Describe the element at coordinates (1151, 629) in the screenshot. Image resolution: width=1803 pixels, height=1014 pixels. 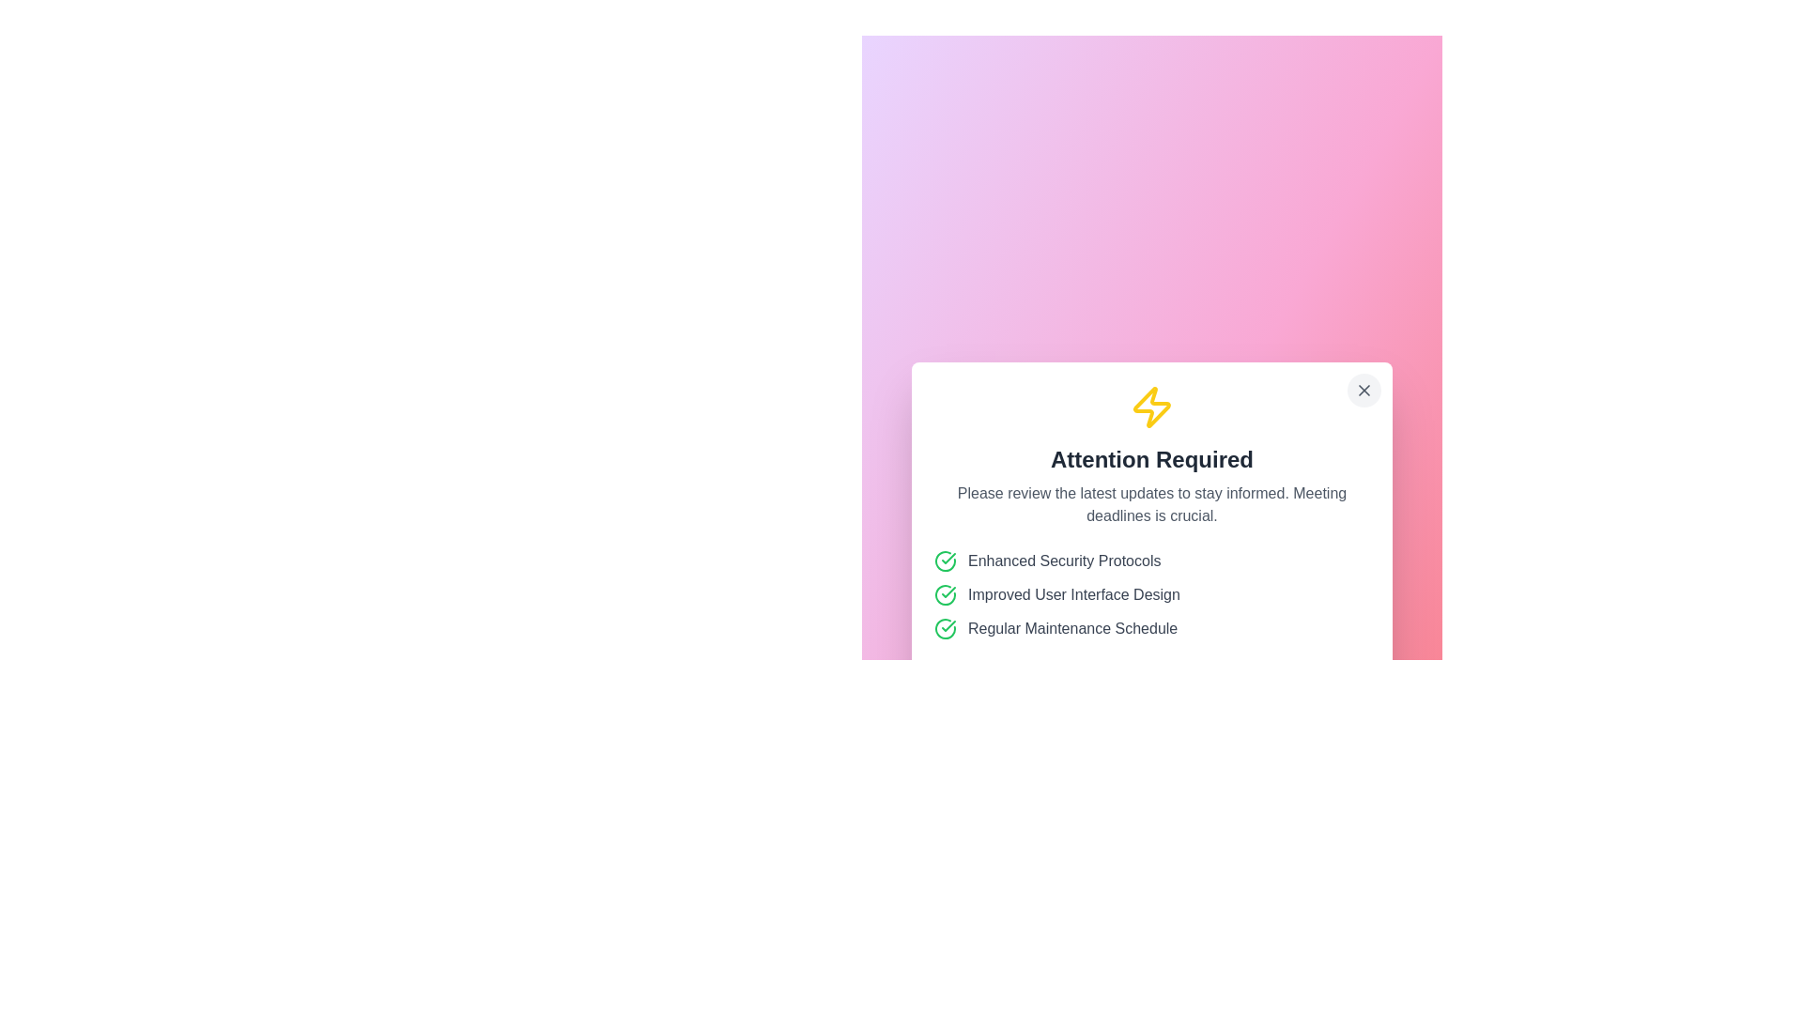
I see `the 'Regular Maintenance Schedule' label with a green check mark icon, which is the last item in the vertical list of features within a centered notification box` at that location.